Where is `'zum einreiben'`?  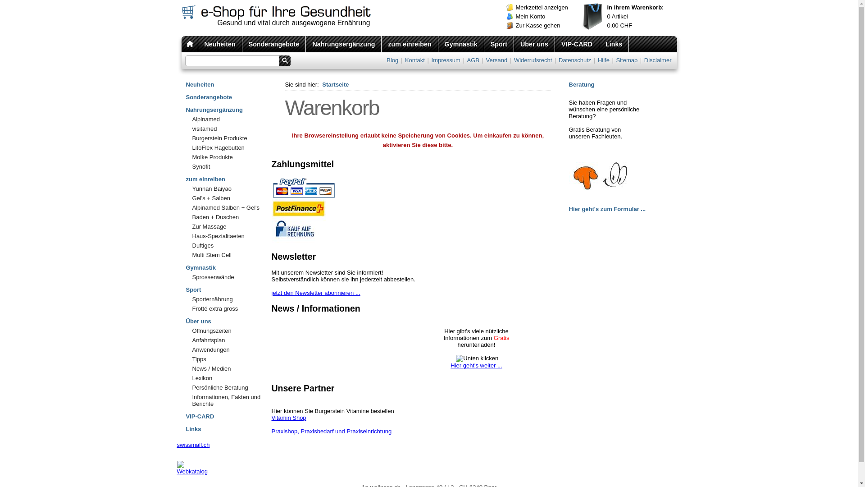 'zum einreiben' is located at coordinates (228, 177).